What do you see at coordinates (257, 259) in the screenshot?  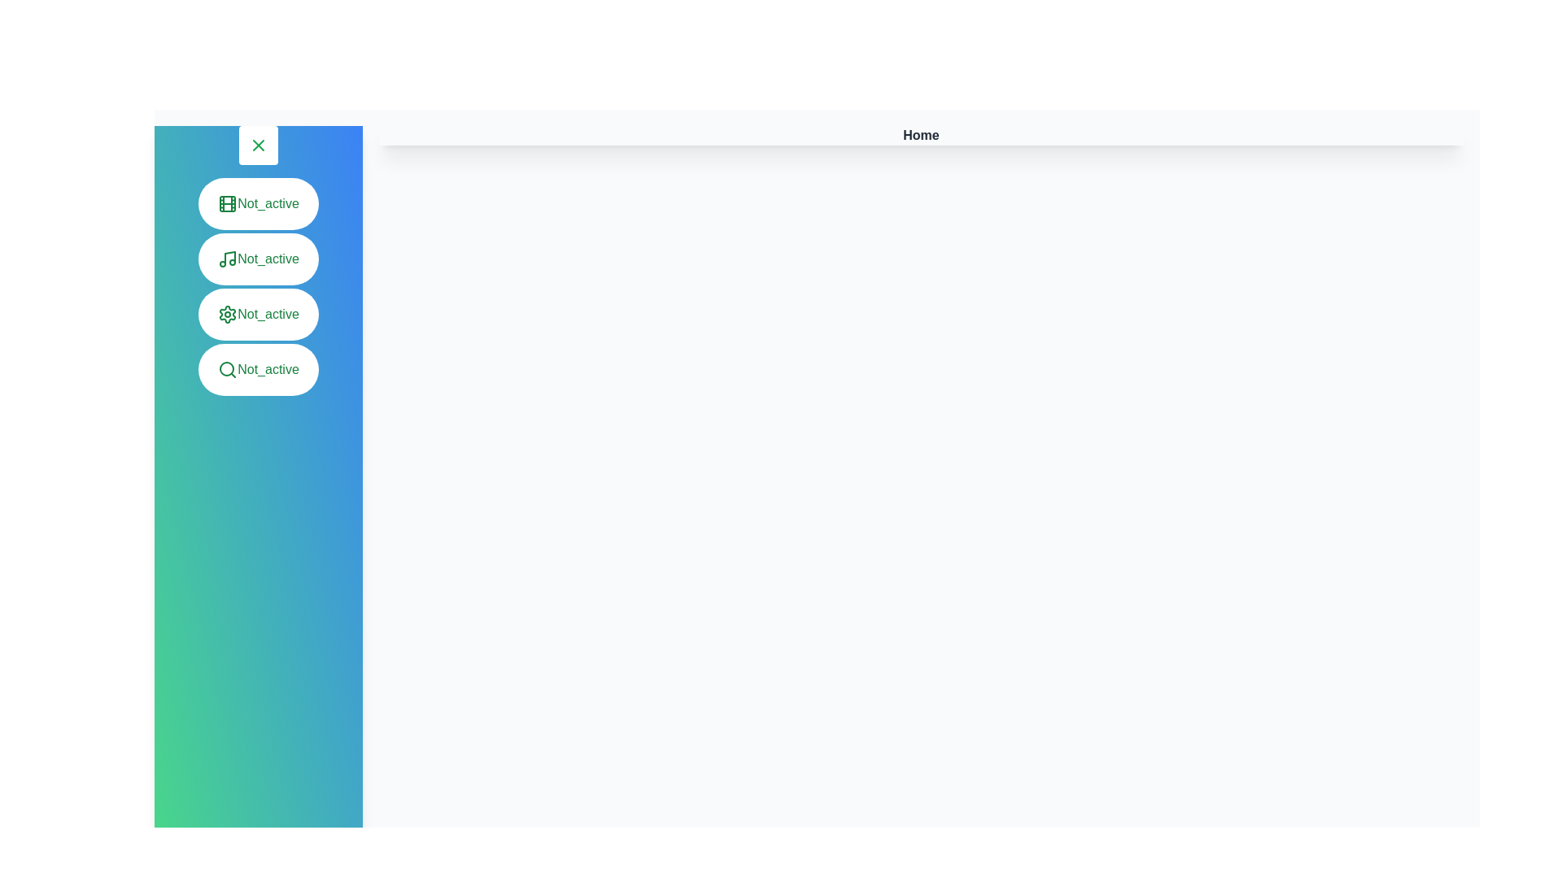 I see `the menu item Music to observe its hover effect` at bounding box center [257, 259].